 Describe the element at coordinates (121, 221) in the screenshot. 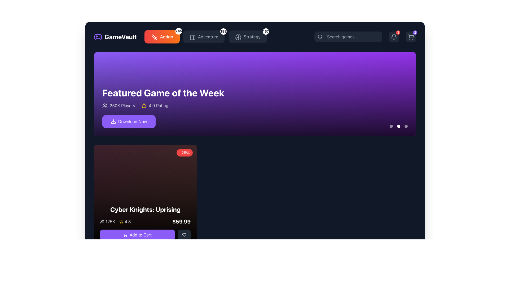

I see `the star icon representing the rating in the 'Featured Game of the Week' section, located slightly to the right of the text '4.9 Rating'` at that location.